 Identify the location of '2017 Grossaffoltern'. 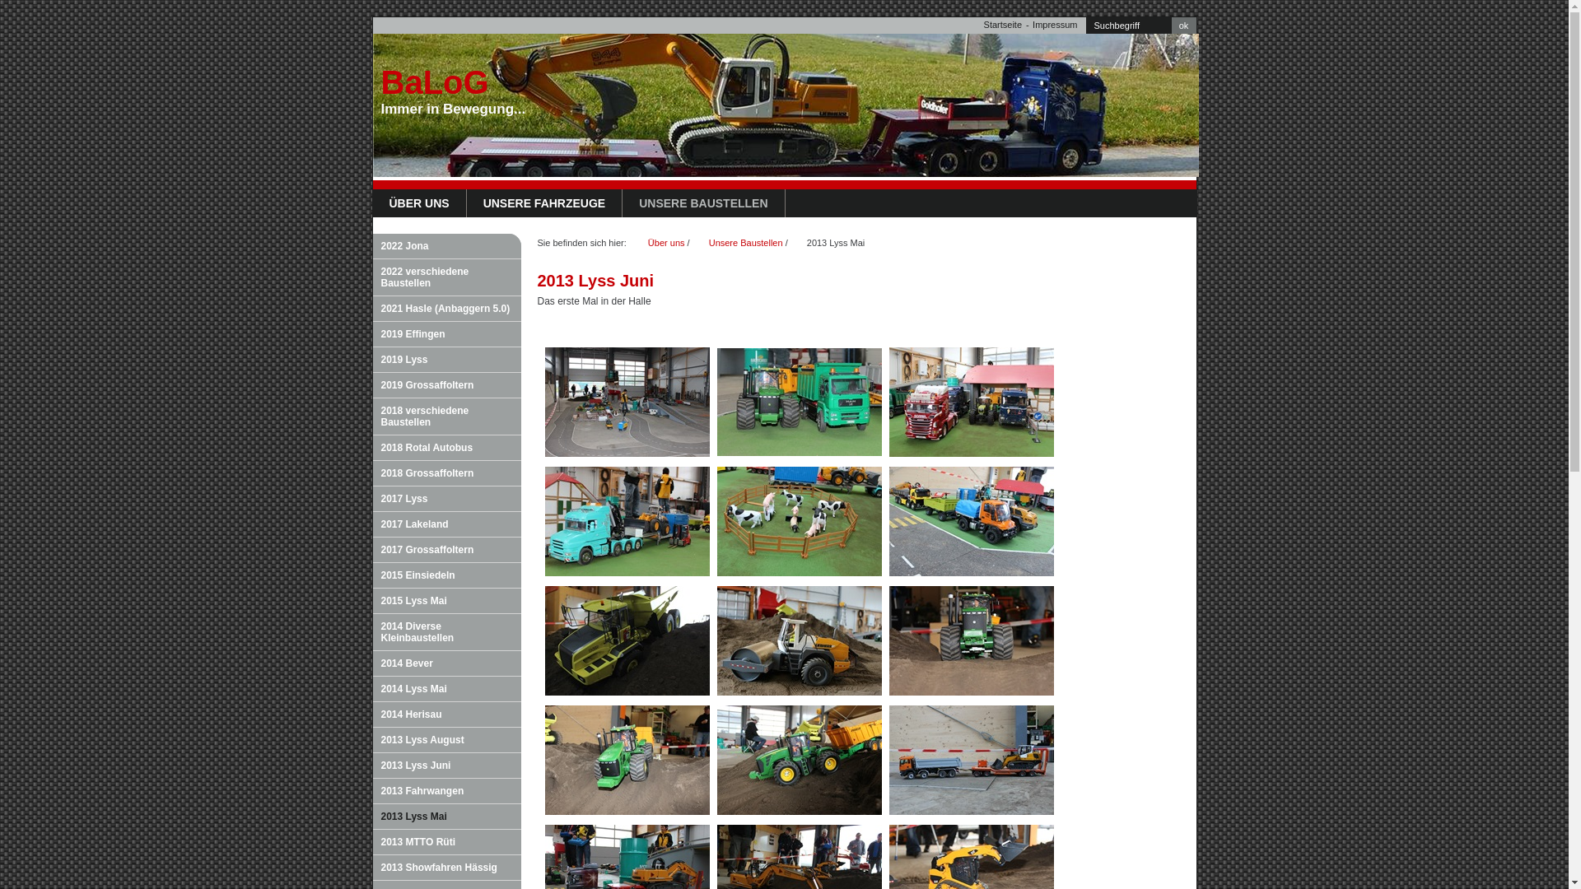
(371, 550).